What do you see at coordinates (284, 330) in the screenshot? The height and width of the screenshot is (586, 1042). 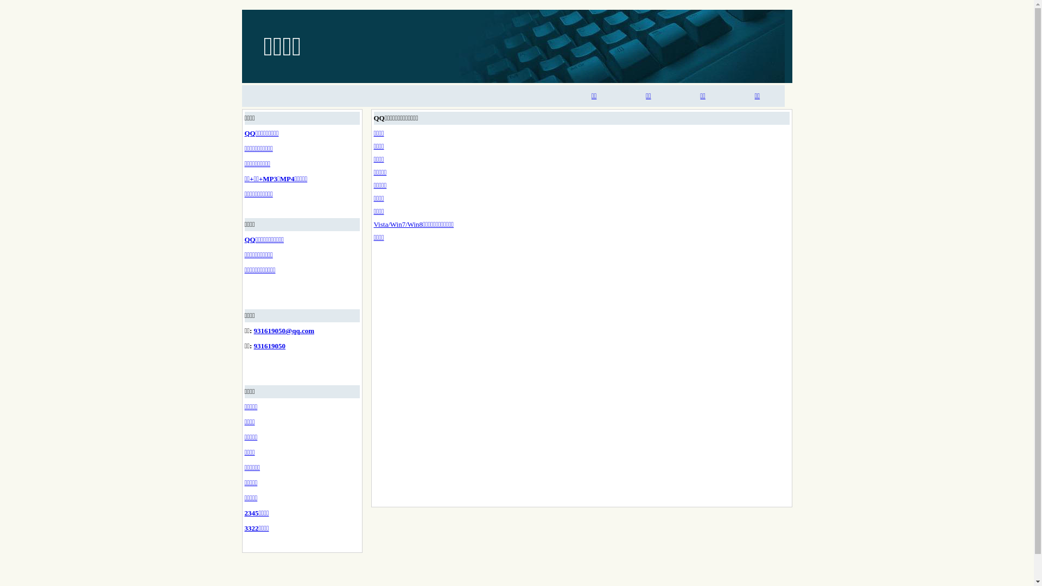 I see `'931619050@qq.com'` at bounding box center [284, 330].